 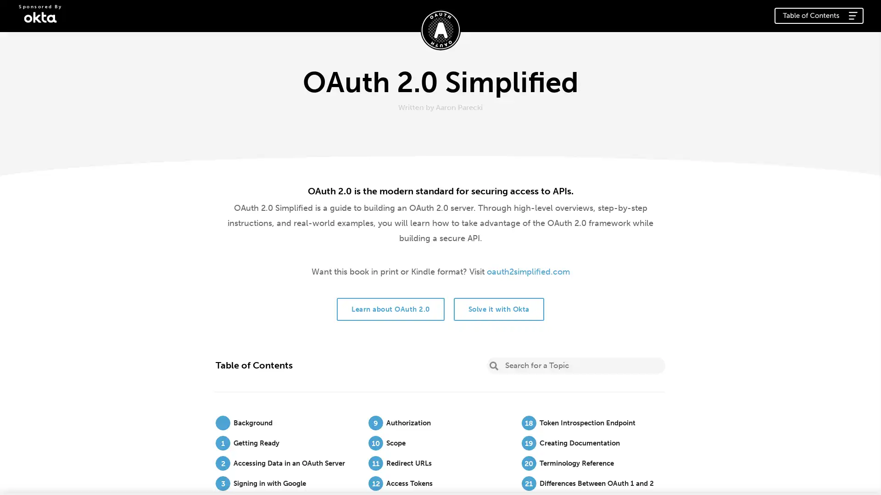 What do you see at coordinates (709, 475) in the screenshot?
I see `Got it` at bounding box center [709, 475].